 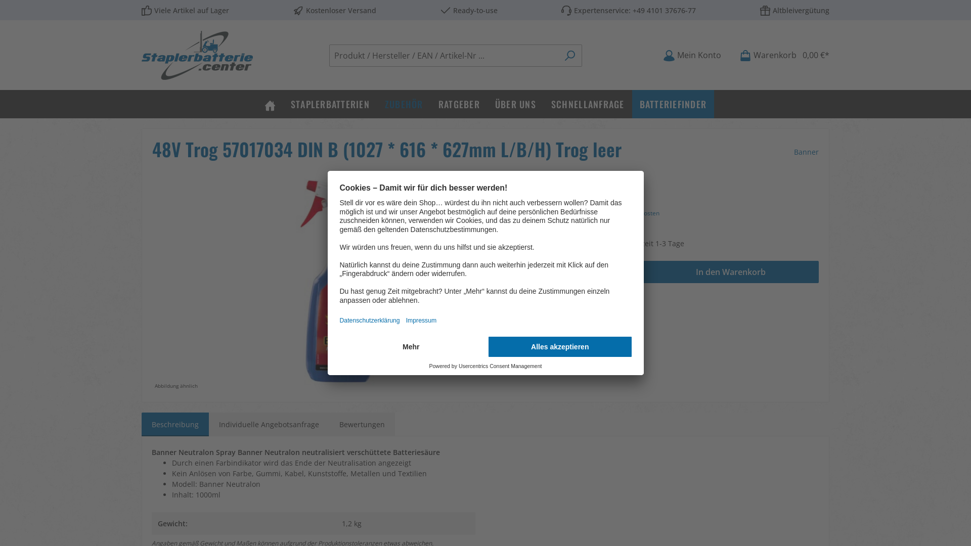 What do you see at coordinates (632, 10) in the screenshot?
I see `'+49 4101 37676-77'` at bounding box center [632, 10].